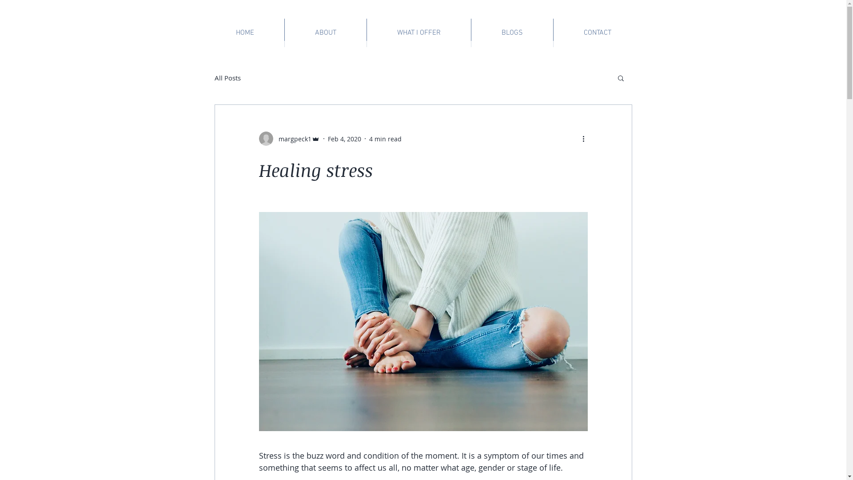 This screenshot has height=480, width=853. I want to click on 'WHAT I OFFER', so click(367, 32).